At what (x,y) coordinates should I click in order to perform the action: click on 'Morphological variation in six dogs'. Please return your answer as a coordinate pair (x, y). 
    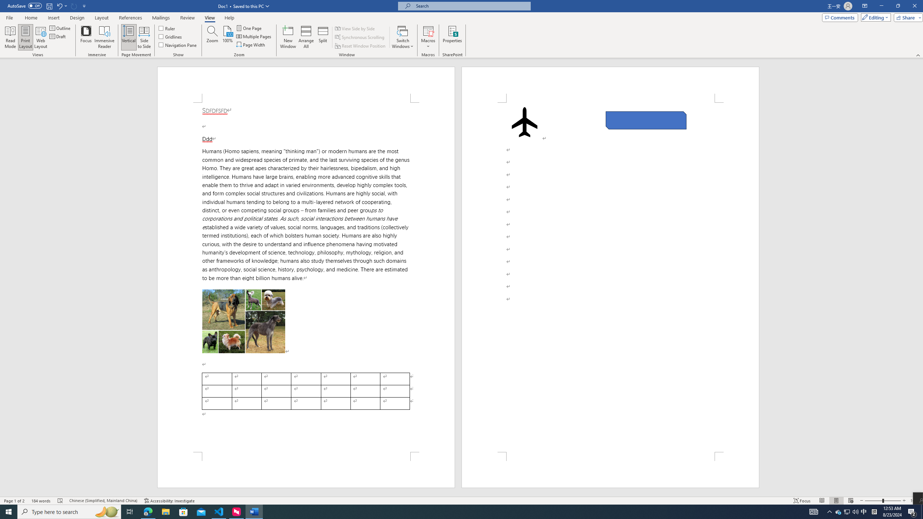
    Looking at the image, I should click on (243, 321).